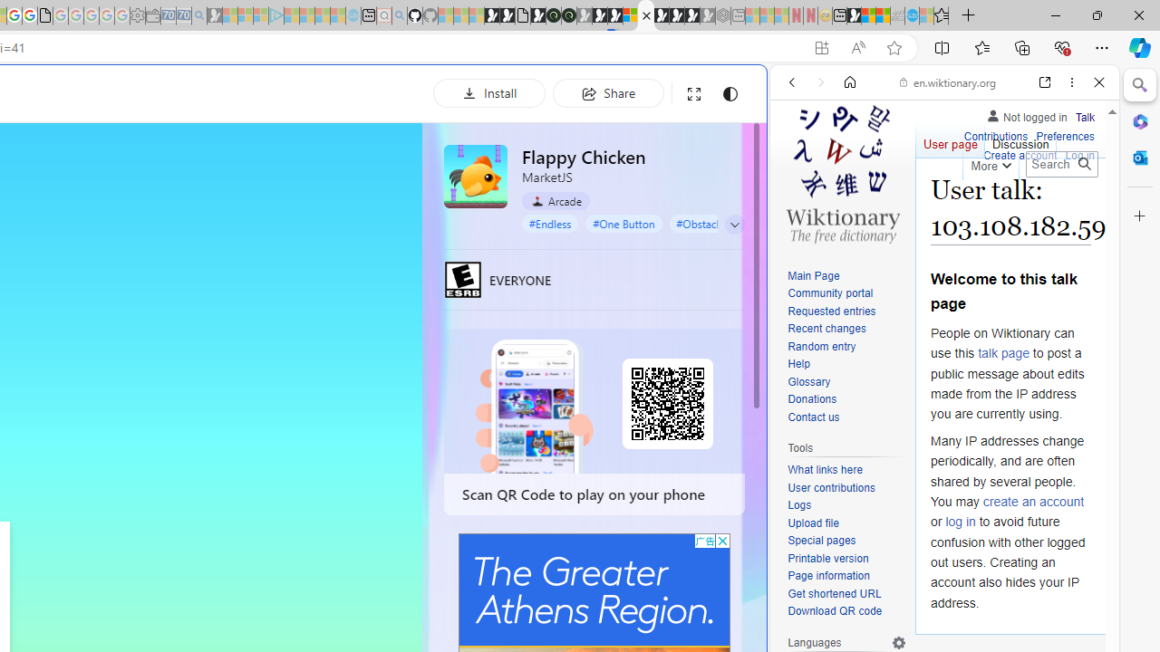 The image size is (1160, 652). What do you see at coordinates (846, 611) in the screenshot?
I see `'Download QR code'` at bounding box center [846, 611].